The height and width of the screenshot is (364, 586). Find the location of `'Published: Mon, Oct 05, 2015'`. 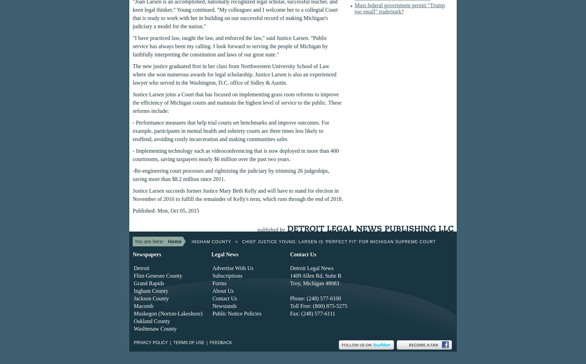

'Published: Mon, Oct 05, 2015' is located at coordinates (165, 211).